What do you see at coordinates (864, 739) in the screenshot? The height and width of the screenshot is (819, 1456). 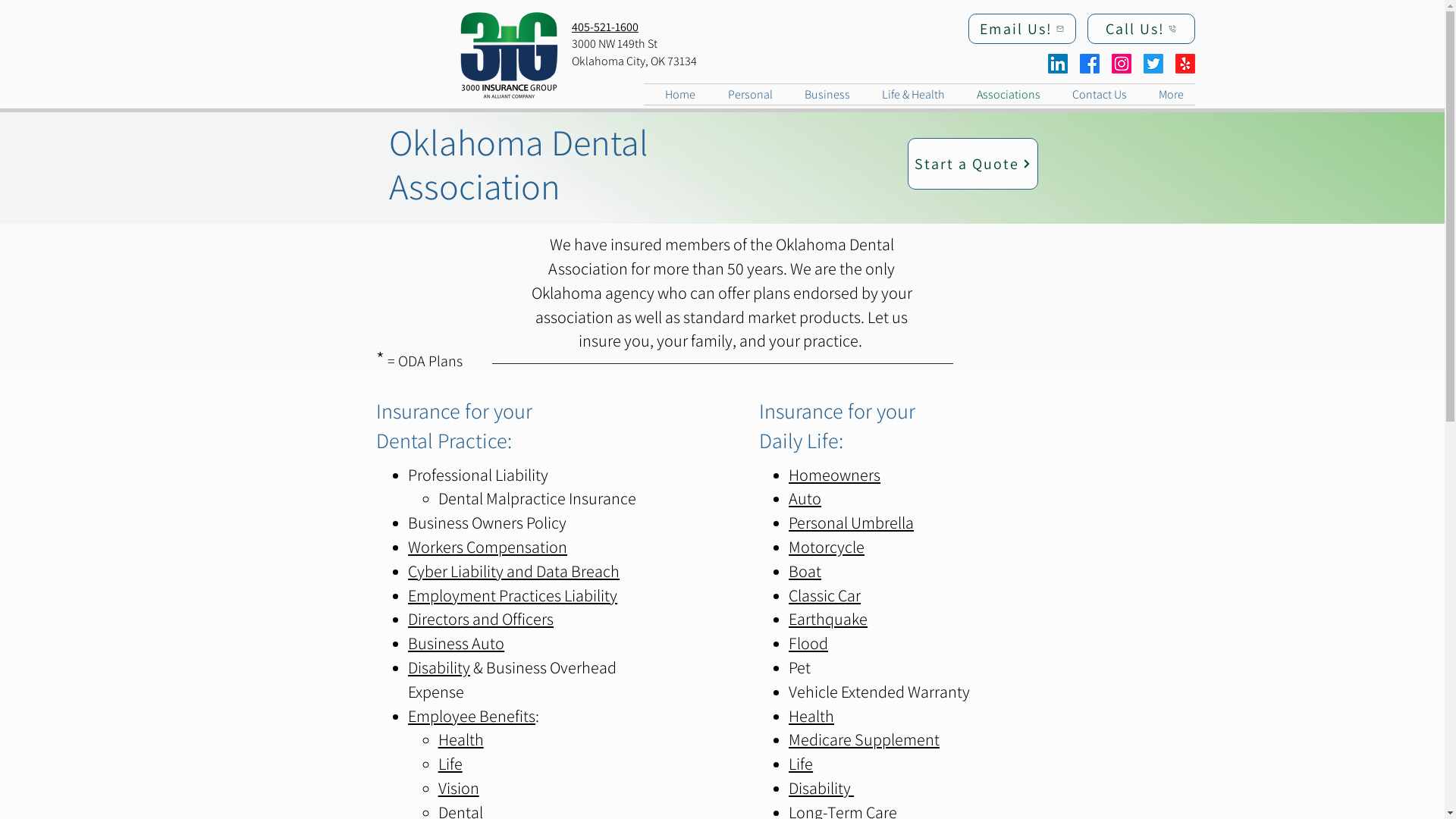 I see `'Medicare Supplement'` at bounding box center [864, 739].